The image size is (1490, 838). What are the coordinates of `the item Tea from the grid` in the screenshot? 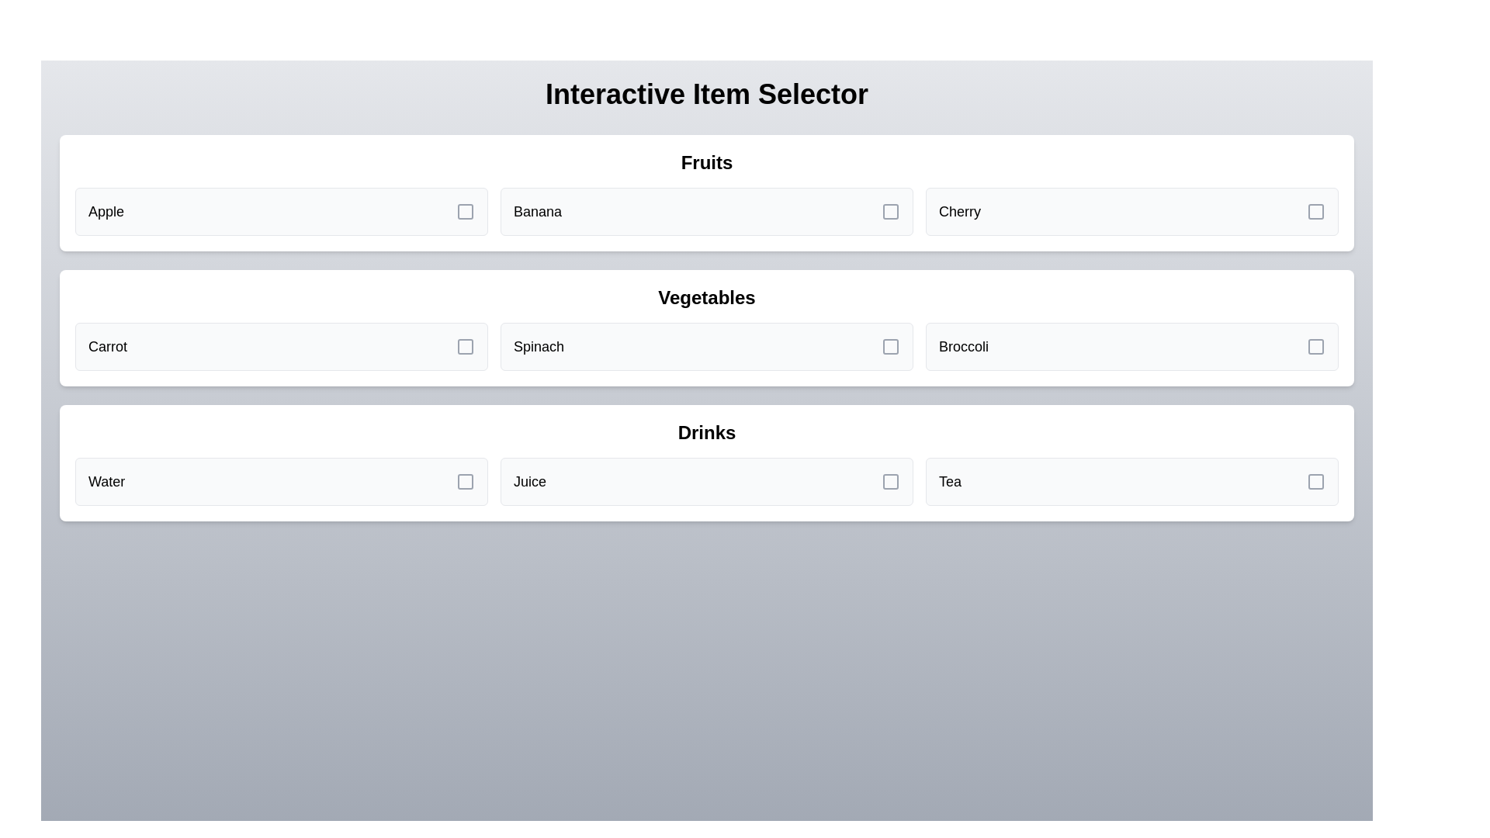 It's located at (1132, 481).